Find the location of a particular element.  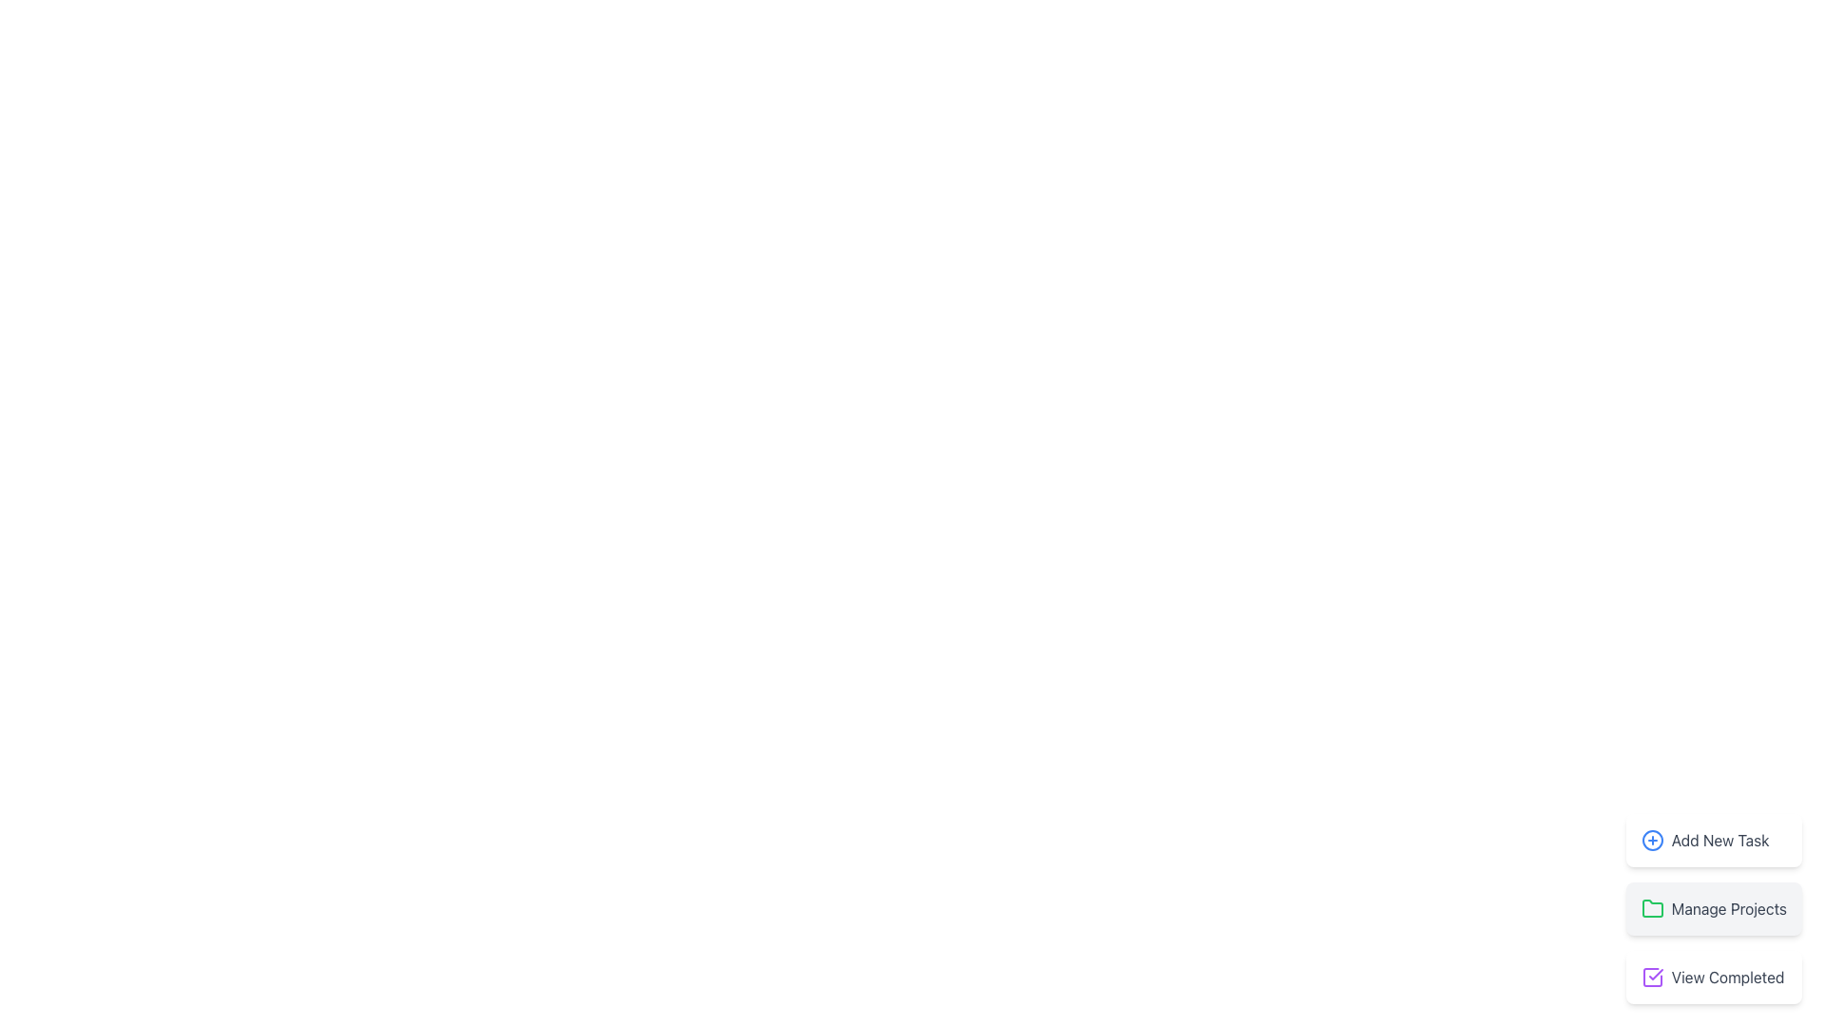

the 'Manage Projects' label next to the green folder icon is located at coordinates (1714, 908).